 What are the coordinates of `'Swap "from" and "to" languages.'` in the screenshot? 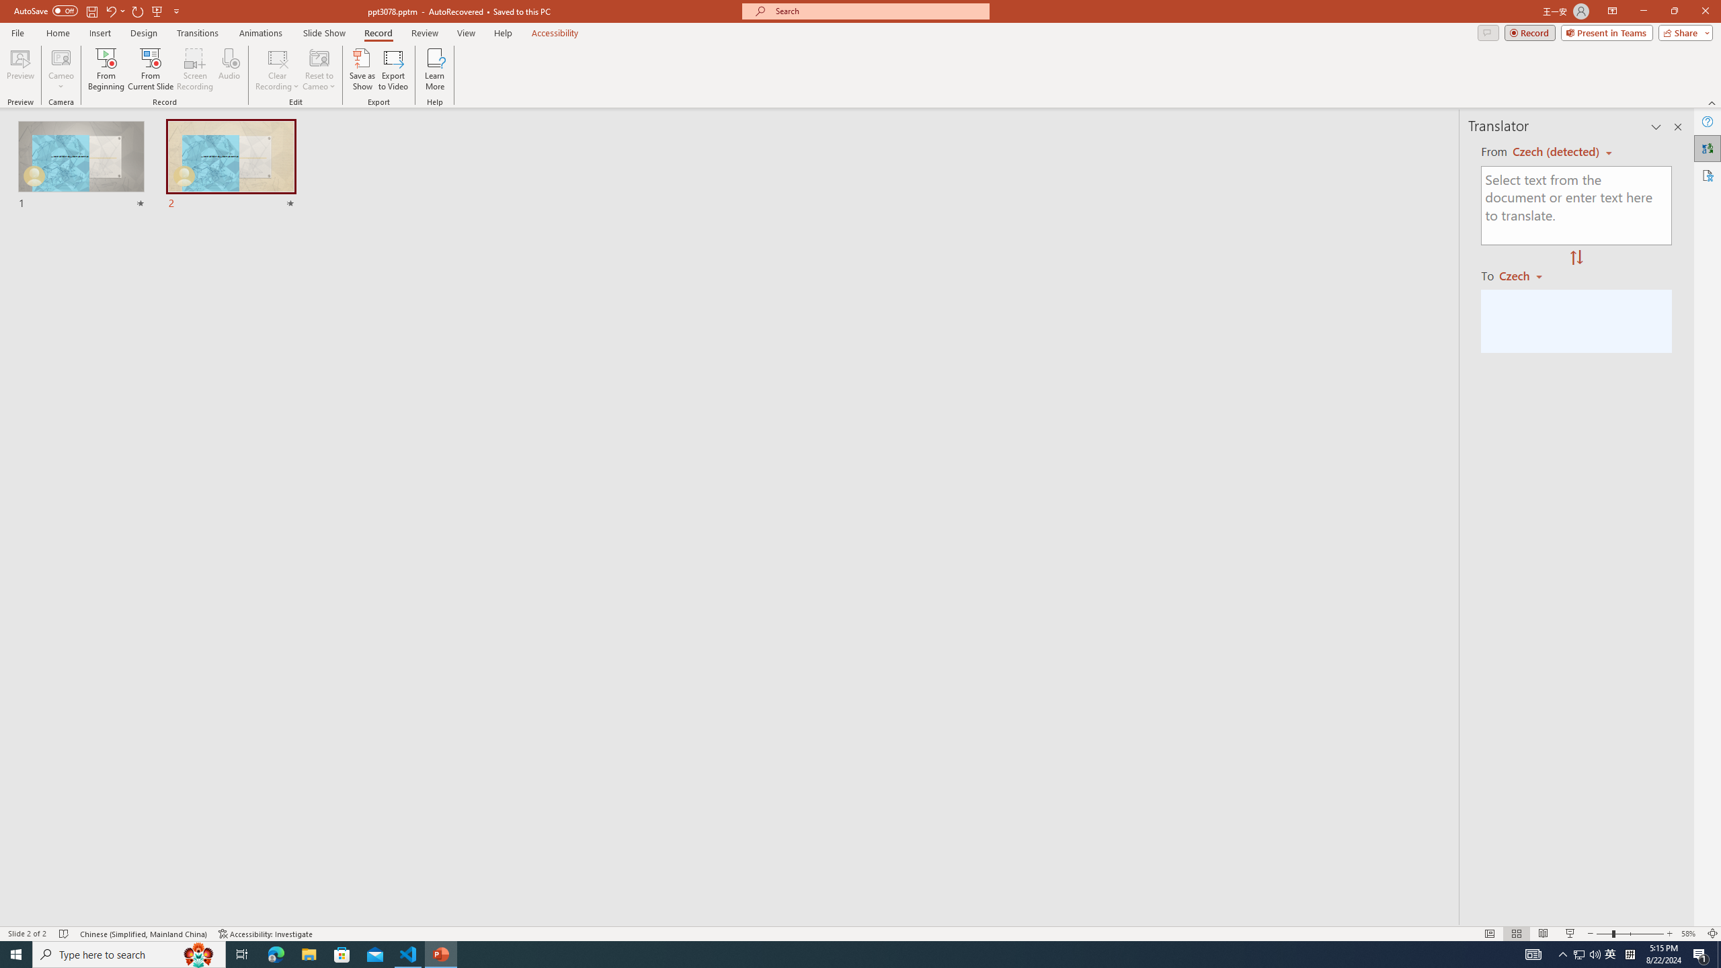 It's located at (1575, 257).